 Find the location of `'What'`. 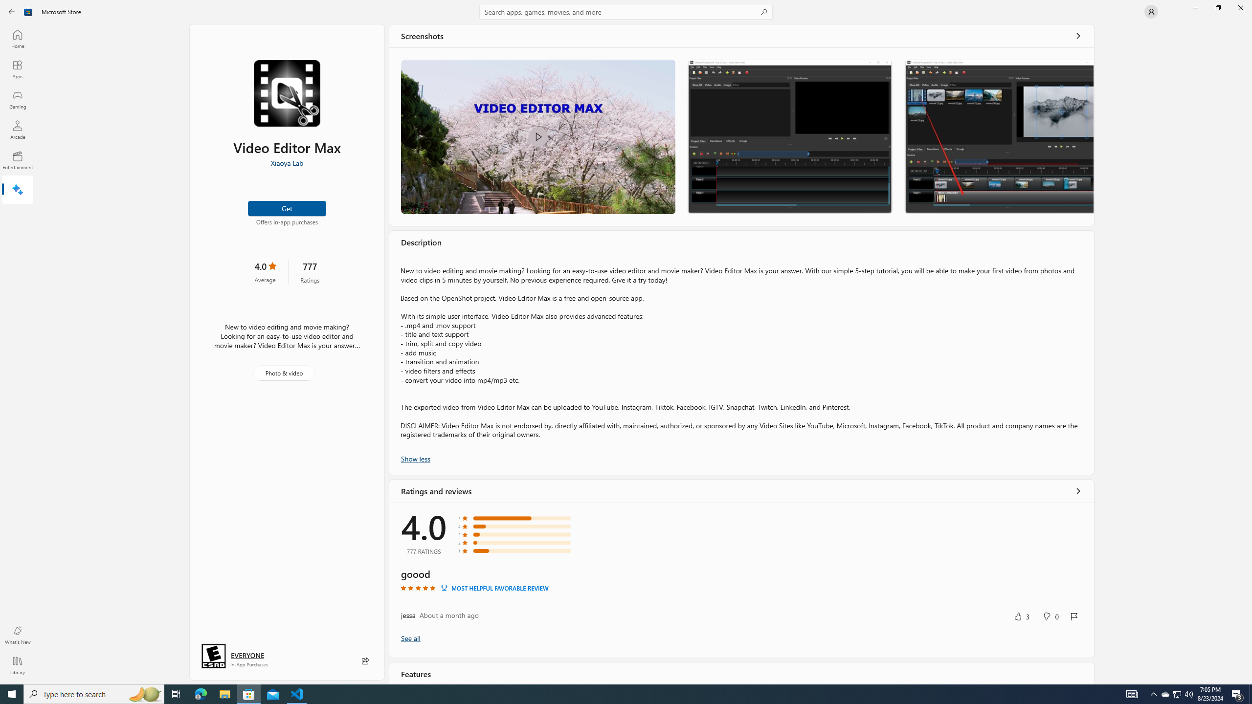

'What' is located at coordinates (17, 635).